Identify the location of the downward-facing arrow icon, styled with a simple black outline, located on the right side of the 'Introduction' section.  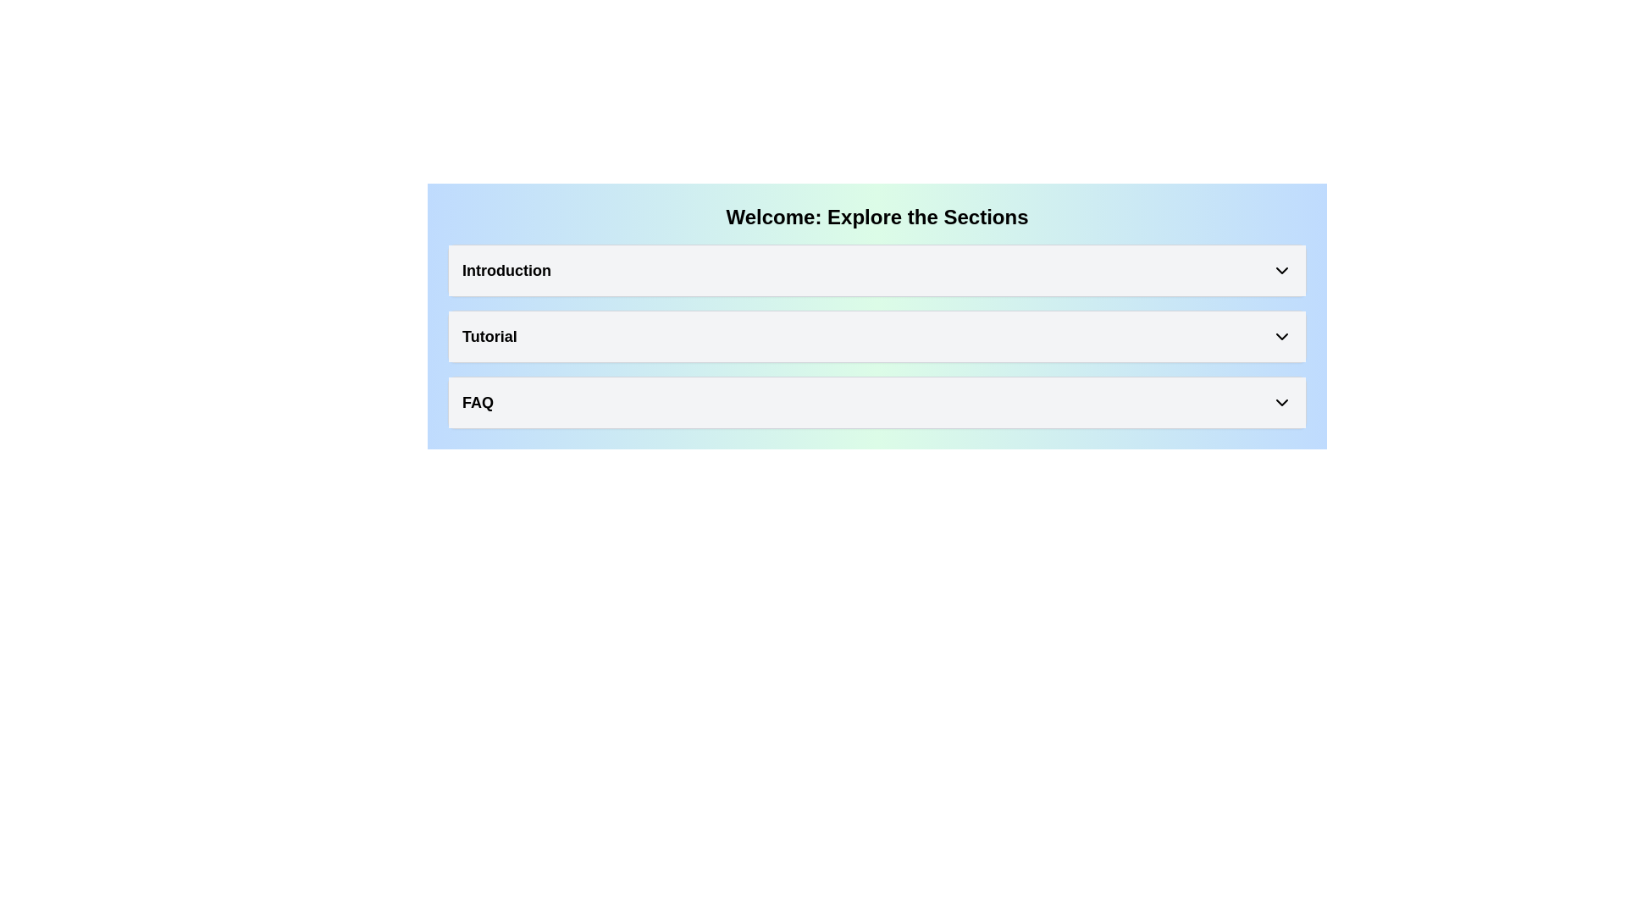
(1281, 270).